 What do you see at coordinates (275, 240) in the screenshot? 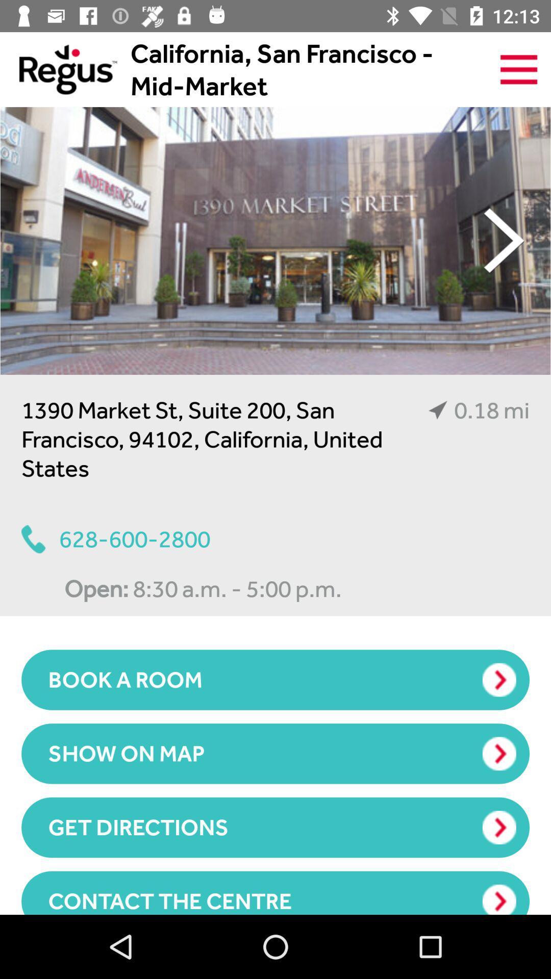
I see `the item above 1390 market st item` at bounding box center [275, 240].